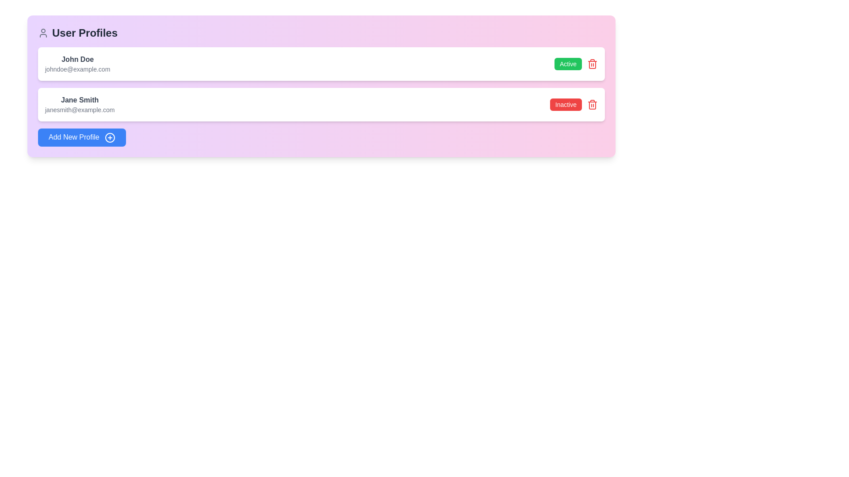 The height and width of the screenshot is (477, 849). What do you see at coordinates (574, 104) in the screenshot?
I see `the activation status button for 'Jane Smith's profile, which is marked as inactive` at bounding box center [574, 104].